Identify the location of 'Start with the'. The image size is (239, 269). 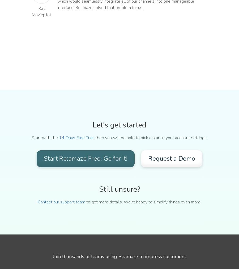
(45, 138).